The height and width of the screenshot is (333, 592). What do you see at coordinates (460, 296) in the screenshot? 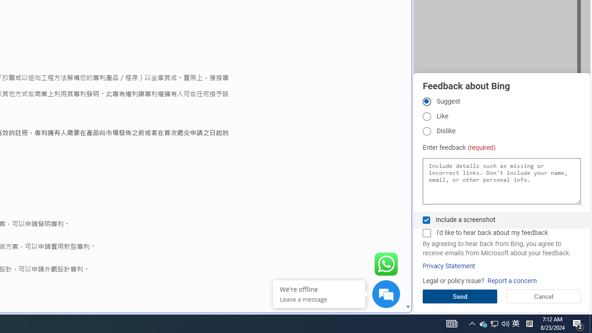
I see `'Send'` at bounding box center [460, 296].